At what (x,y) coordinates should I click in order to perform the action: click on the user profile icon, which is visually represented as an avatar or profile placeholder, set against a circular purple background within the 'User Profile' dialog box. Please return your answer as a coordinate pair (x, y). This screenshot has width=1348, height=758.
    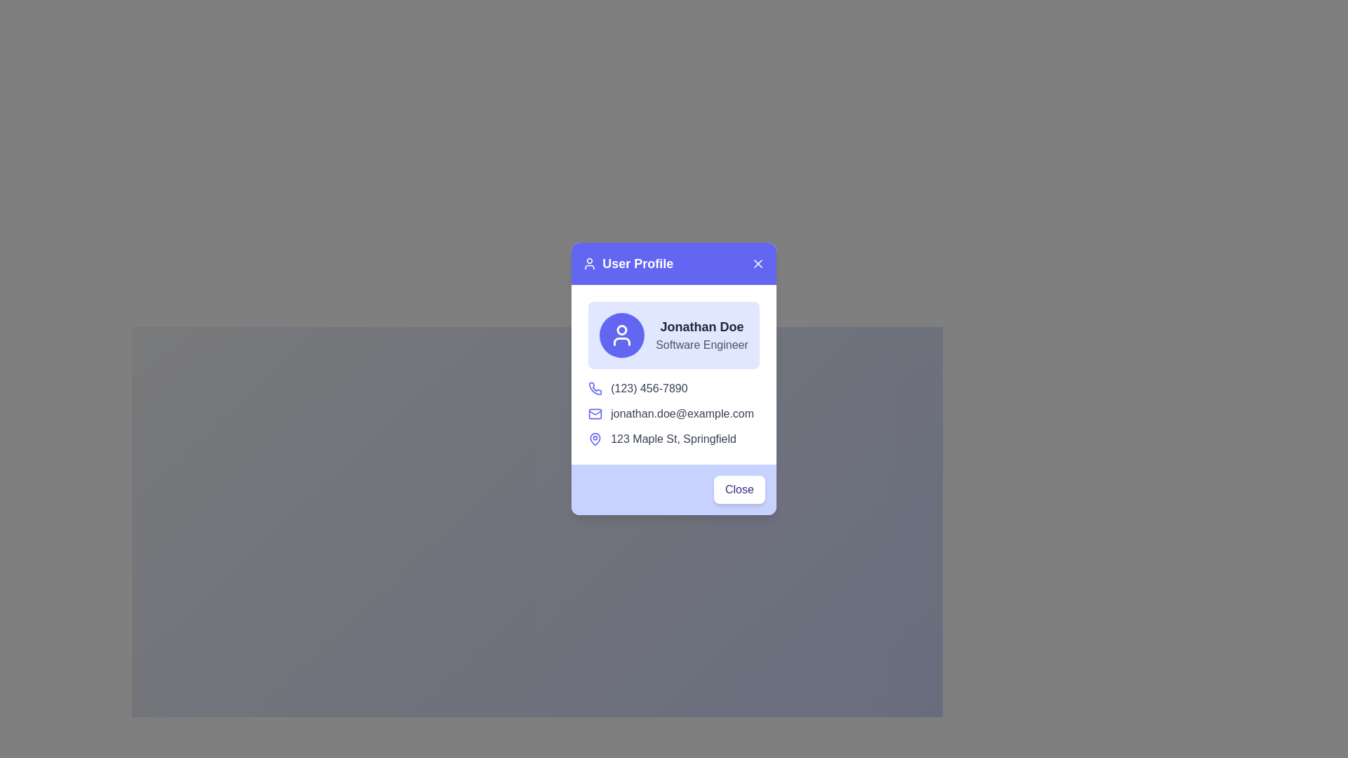
    Looking at the image, I should click on (621, 335).